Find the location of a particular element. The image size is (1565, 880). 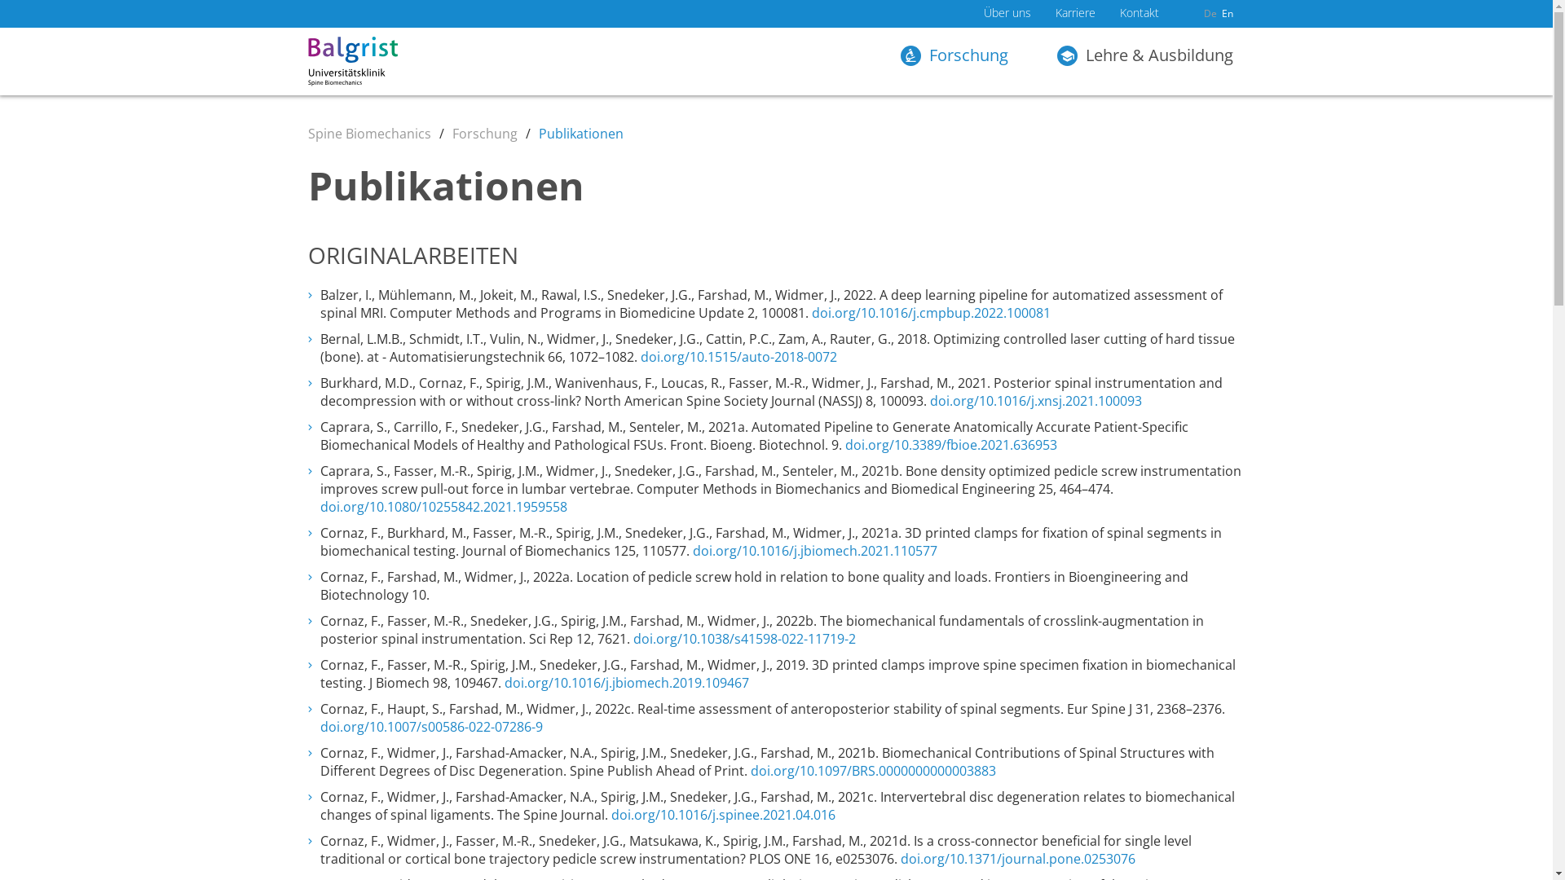

'De' is located at coordinates (1203, 13).